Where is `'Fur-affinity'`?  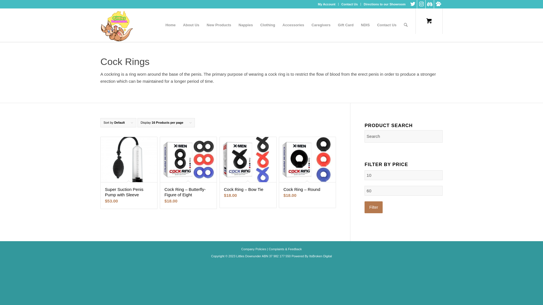 'Fur-affinity' is located at coordinates (438, 4).